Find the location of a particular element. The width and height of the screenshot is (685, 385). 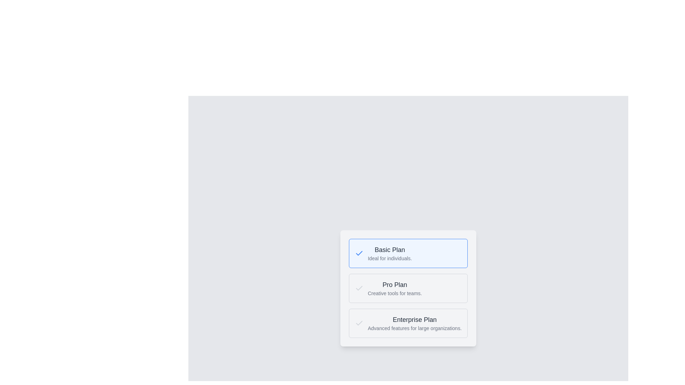

the Text Label that serves as the title for the Enterprise Plan subscription option, located at the center of the third option card is located at coordinates (415, 319).